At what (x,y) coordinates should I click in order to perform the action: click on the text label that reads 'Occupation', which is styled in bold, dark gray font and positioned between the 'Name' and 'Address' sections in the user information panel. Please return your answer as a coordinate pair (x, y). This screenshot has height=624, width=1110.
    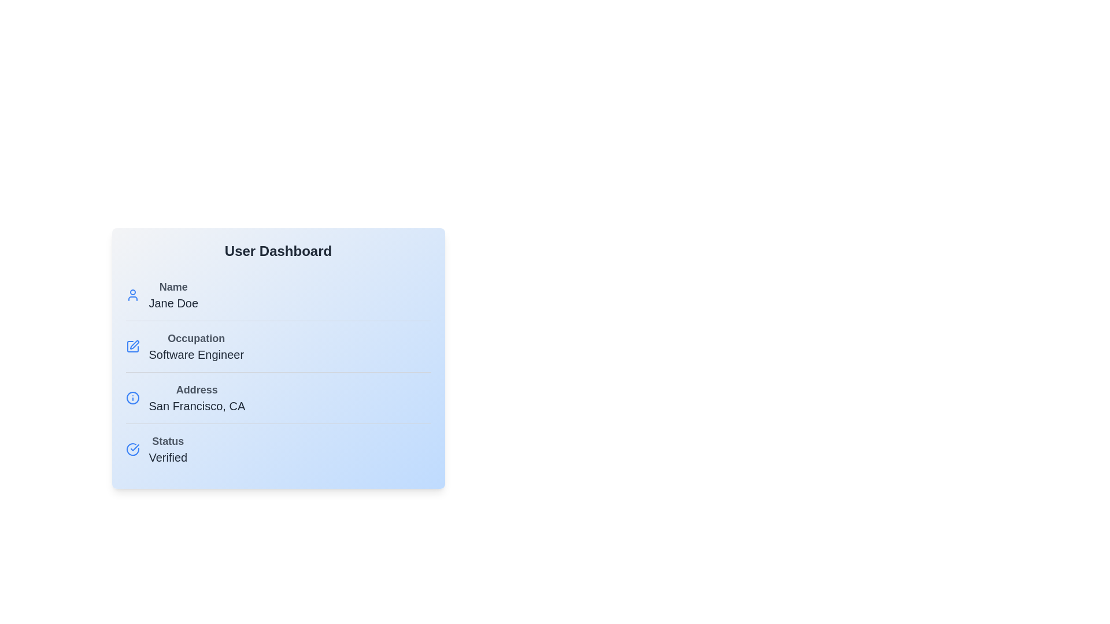
    Looking at the image, I should click on (196, 338).